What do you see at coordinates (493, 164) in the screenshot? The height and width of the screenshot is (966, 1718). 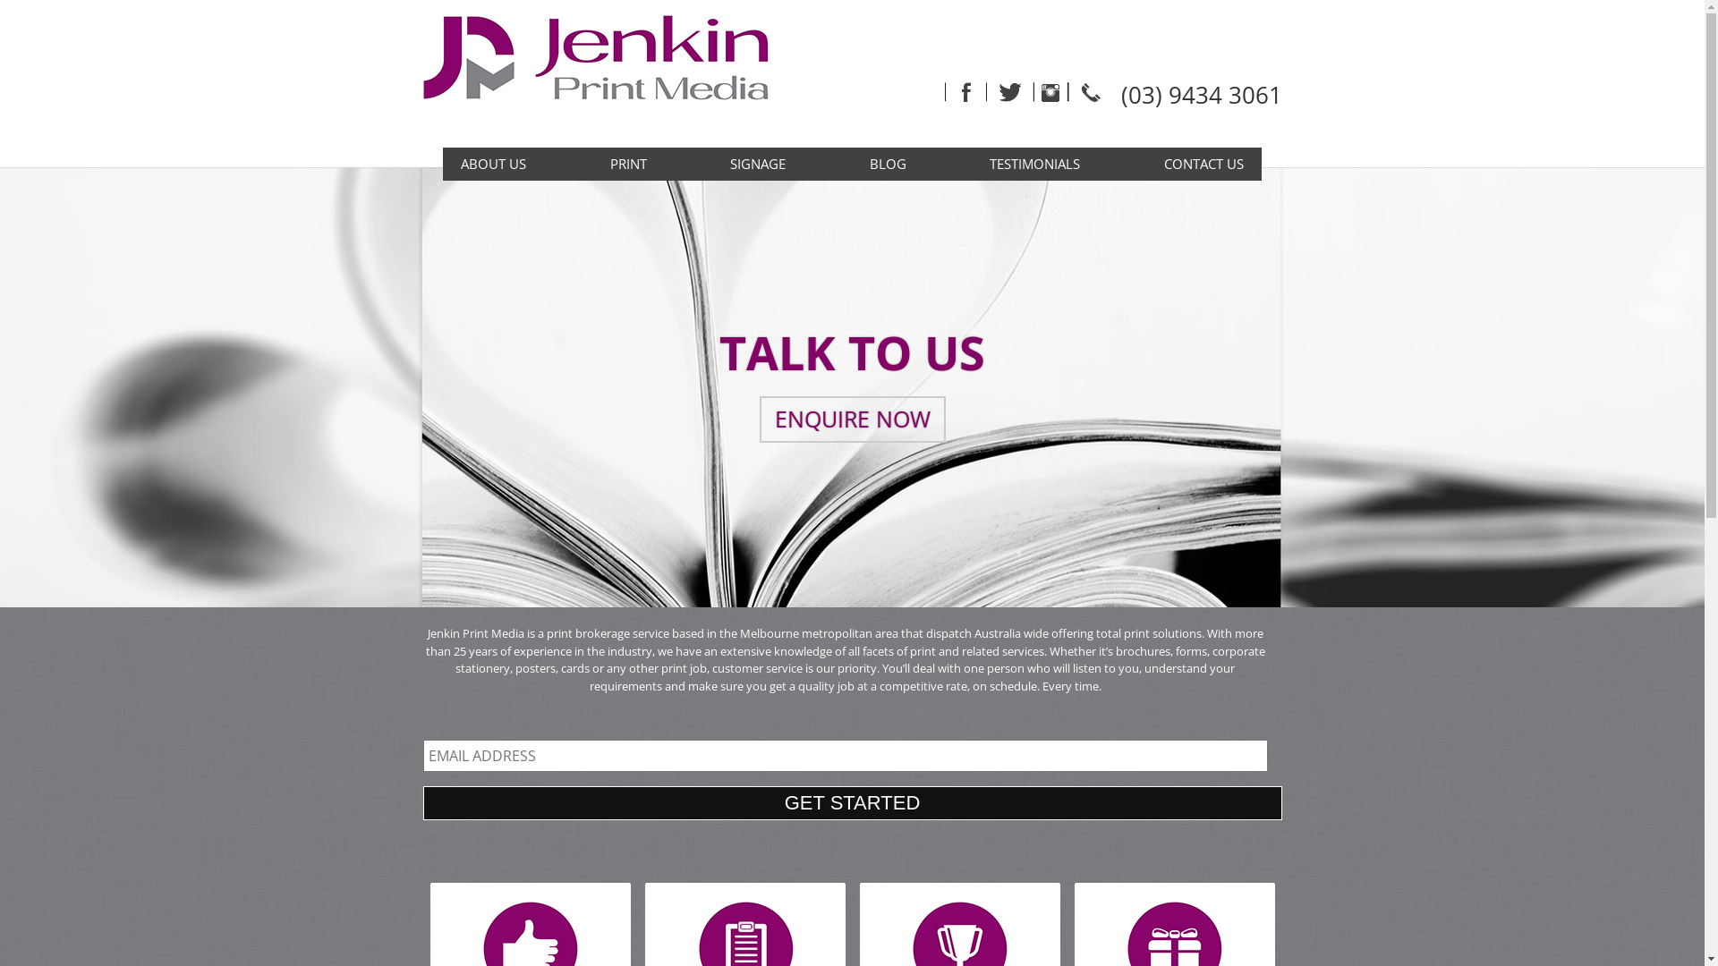 I see `'ABOUT US'` at bounding box center [493, 164].